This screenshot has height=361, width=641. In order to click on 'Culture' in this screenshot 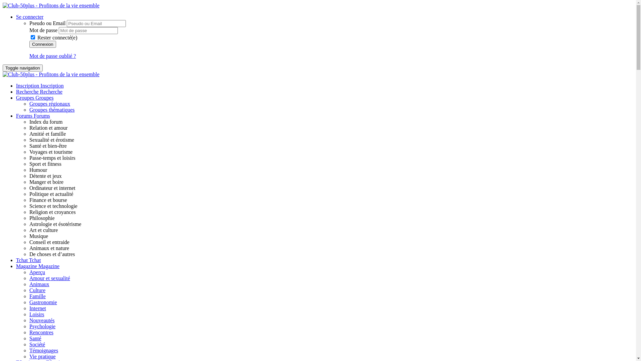, I will do `click(37, 290)`.